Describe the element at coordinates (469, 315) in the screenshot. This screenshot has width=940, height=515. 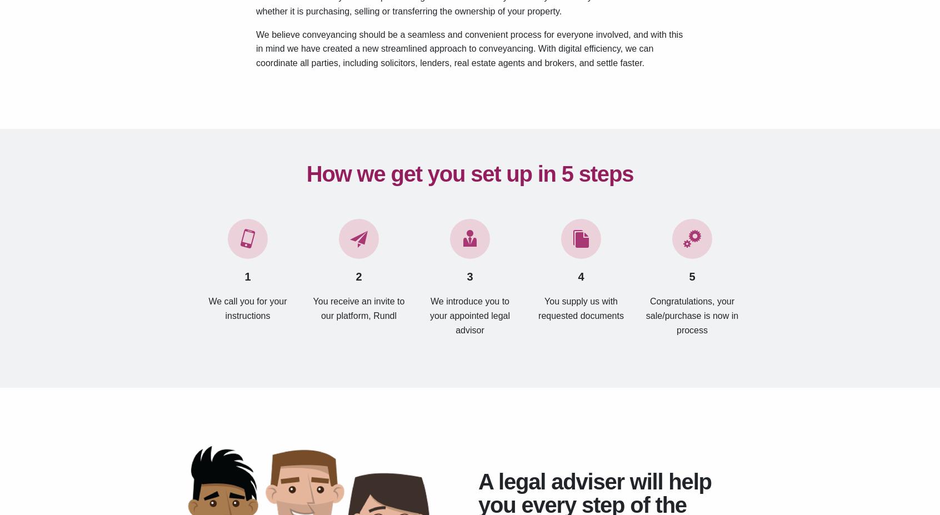
I see `'We introduce you to your appointed legal advisor'` at that location.